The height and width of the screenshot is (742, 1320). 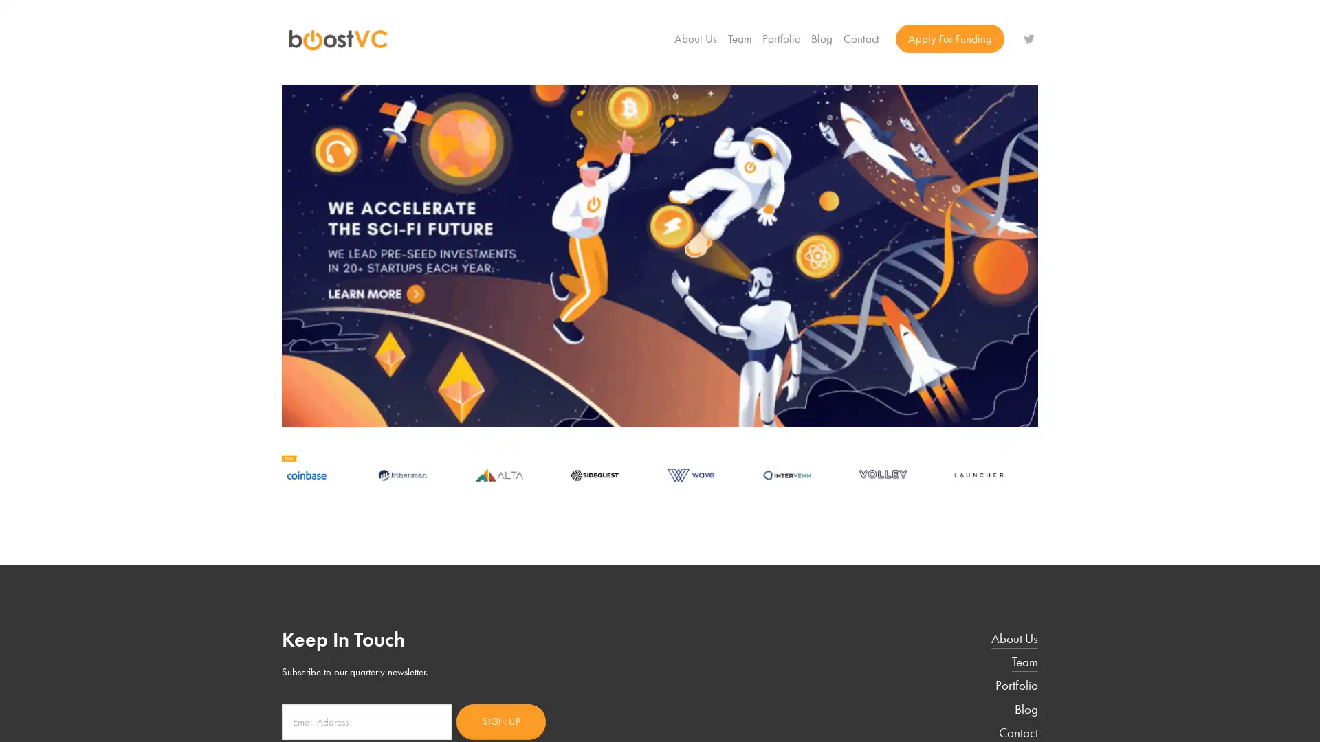 I want to click on SIGN UP, so click(x=500, y=720).